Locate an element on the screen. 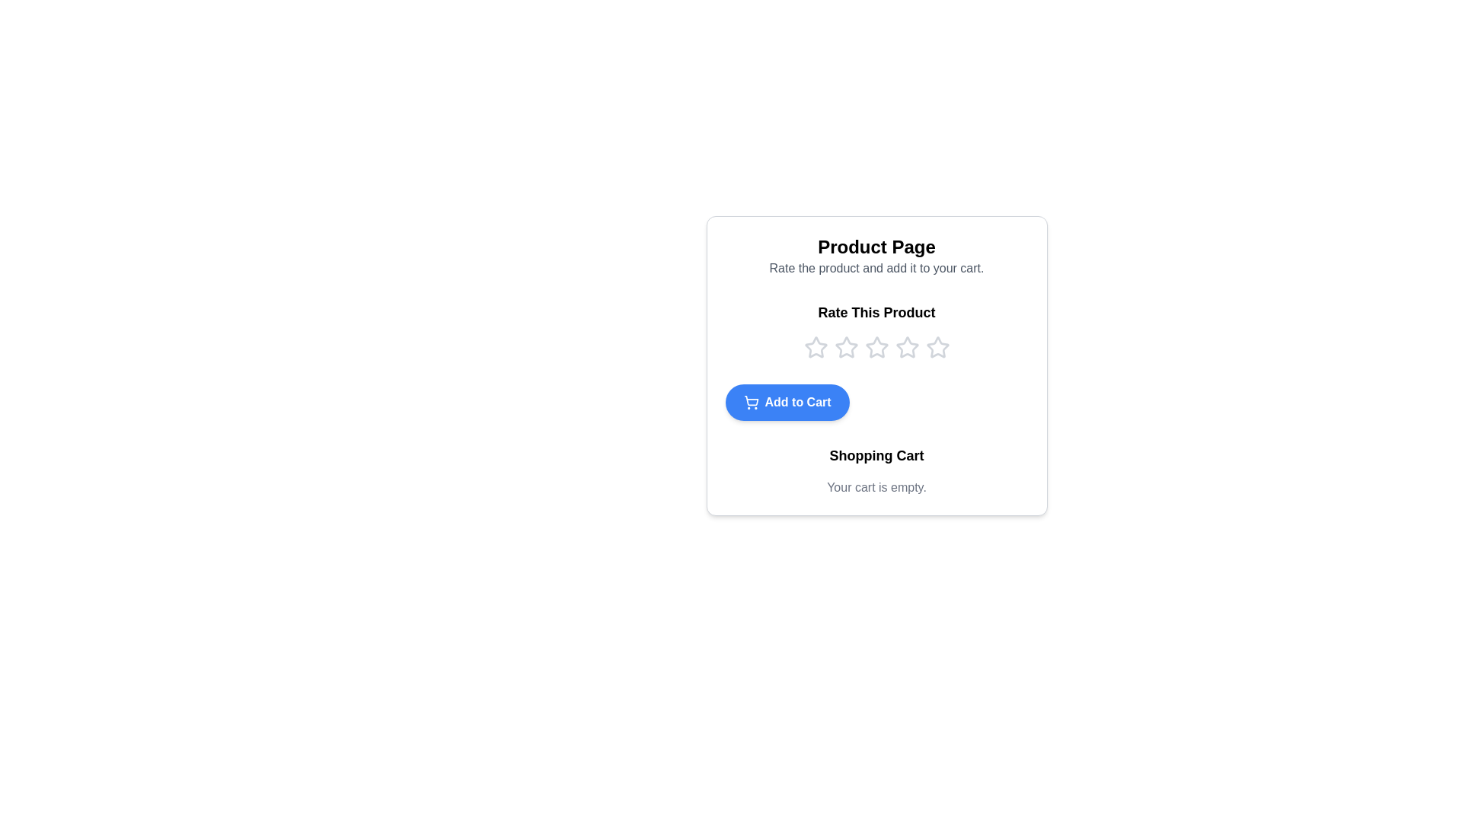 Image resolution: width=1462 pixels, height=822 pixels. the second star icon in the rating section is located at coordinates (845, 347).